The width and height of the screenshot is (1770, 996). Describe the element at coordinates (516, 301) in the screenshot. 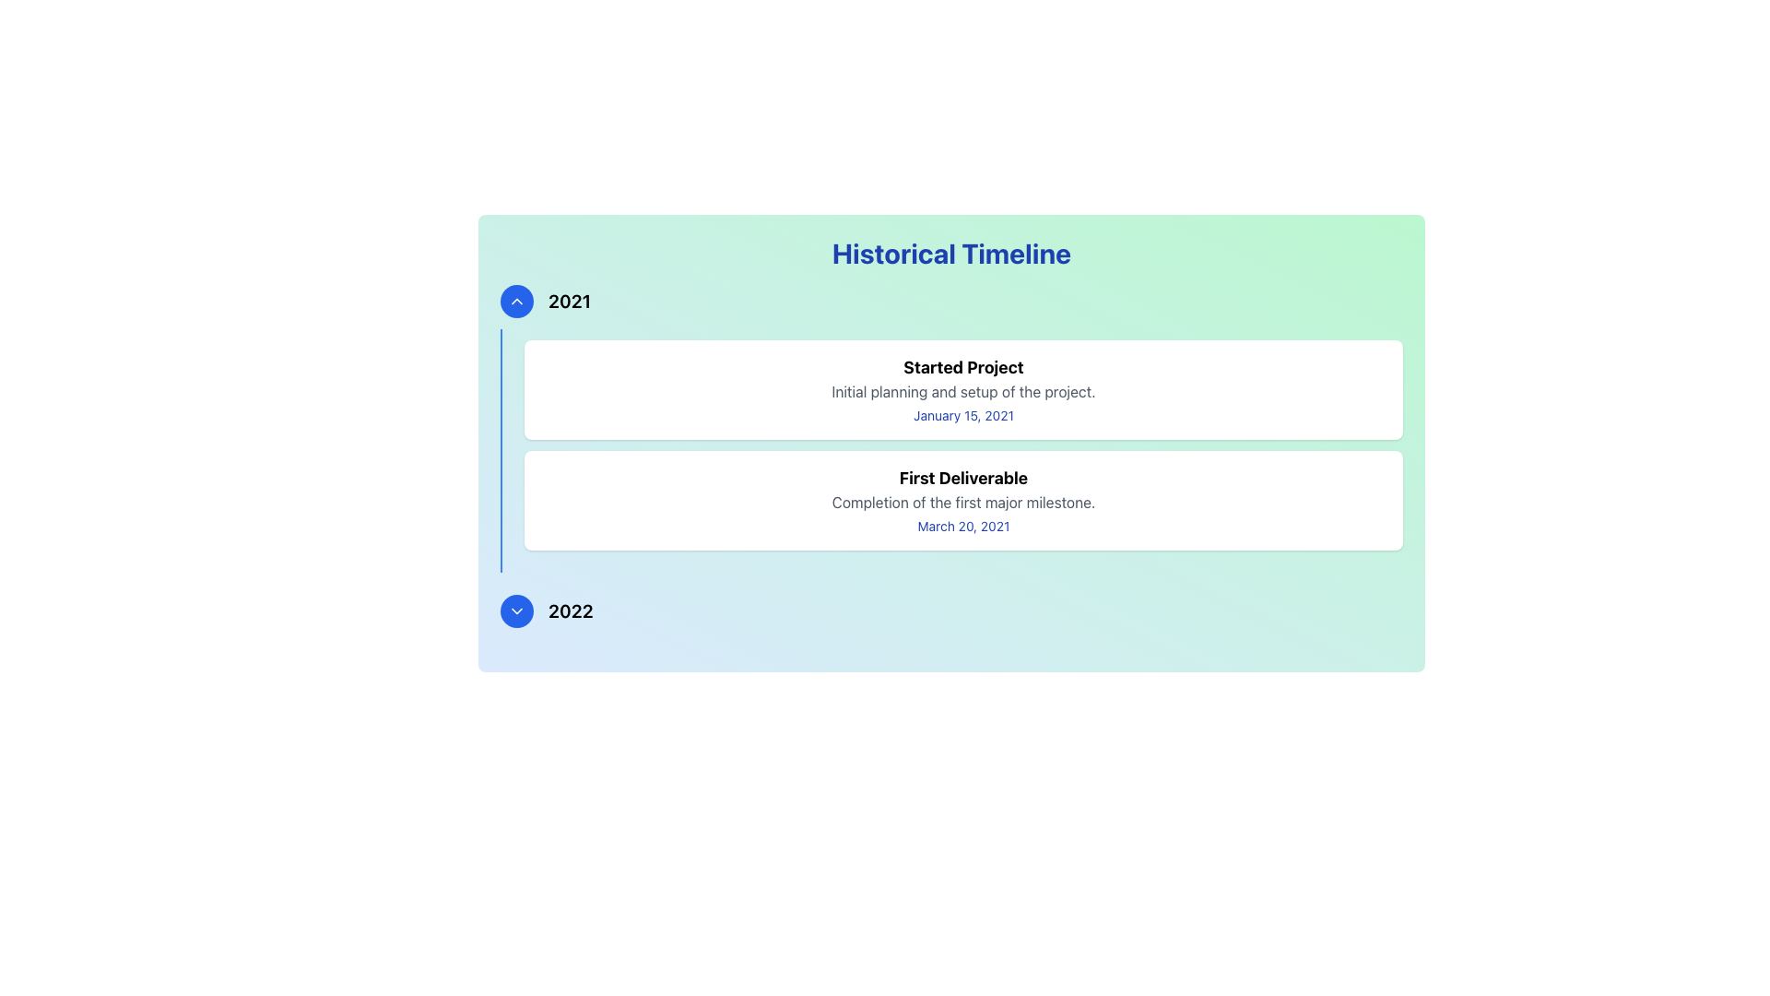

I see `the circular icon button with a blue background and a white upward-pointing triangle located to the left of the text '2021'` at that location.